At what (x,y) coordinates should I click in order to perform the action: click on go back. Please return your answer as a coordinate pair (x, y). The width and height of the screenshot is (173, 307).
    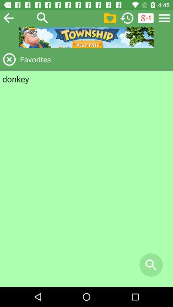
    Looking at the image, I should click on (8, 18).